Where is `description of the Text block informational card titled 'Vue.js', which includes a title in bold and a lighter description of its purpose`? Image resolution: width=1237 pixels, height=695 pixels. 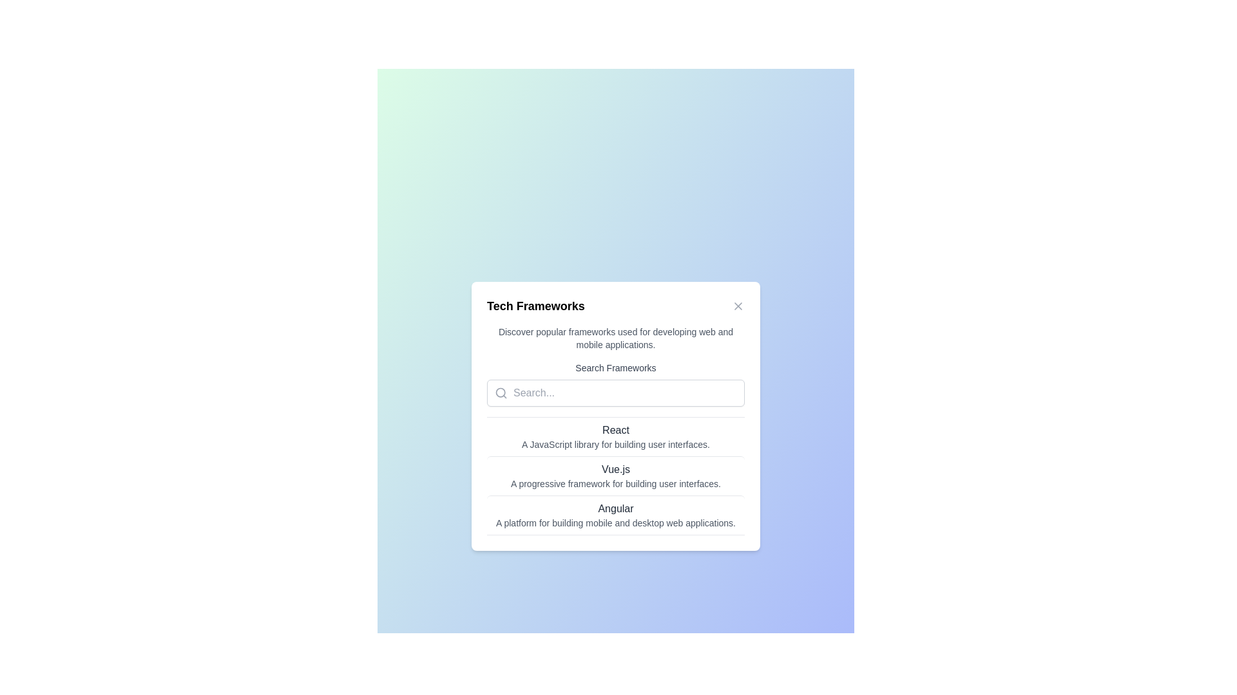 description of the Text block informational card titled 'Vue.js', which includes a title in bold and a lighter description of its purpose is located at coordinates (615, 476).